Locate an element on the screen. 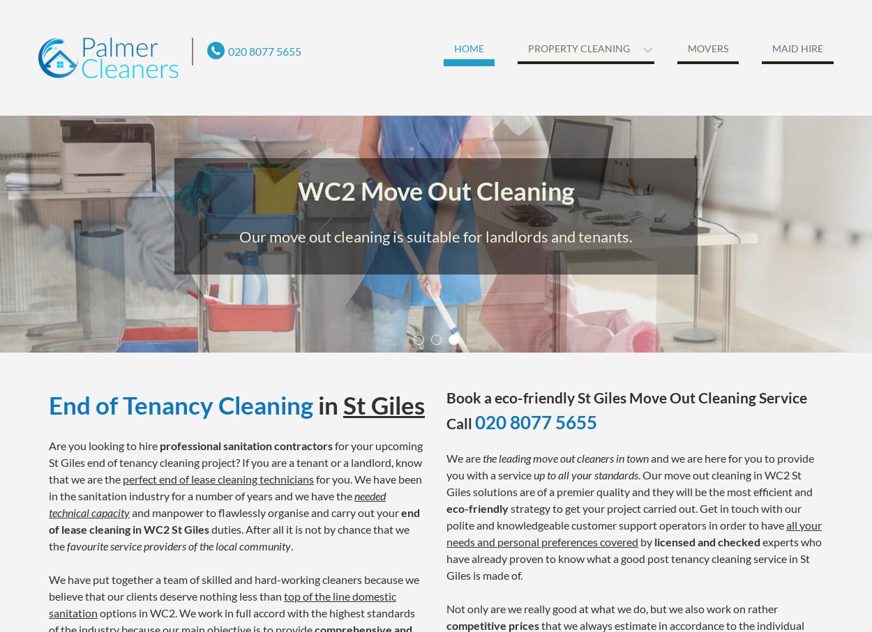  'Maid Hire' is located at coordinates (797, 48).